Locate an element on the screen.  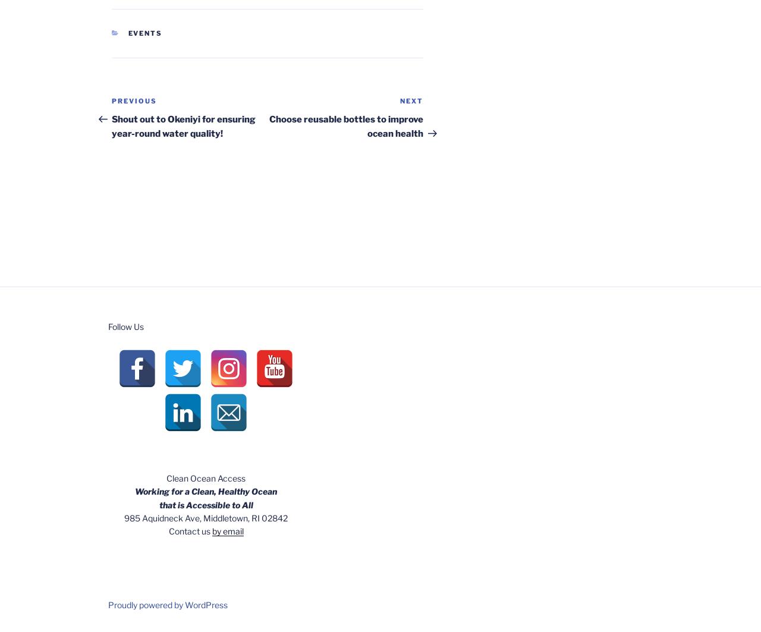
'Contact us' is located at coordinates (189, 530).